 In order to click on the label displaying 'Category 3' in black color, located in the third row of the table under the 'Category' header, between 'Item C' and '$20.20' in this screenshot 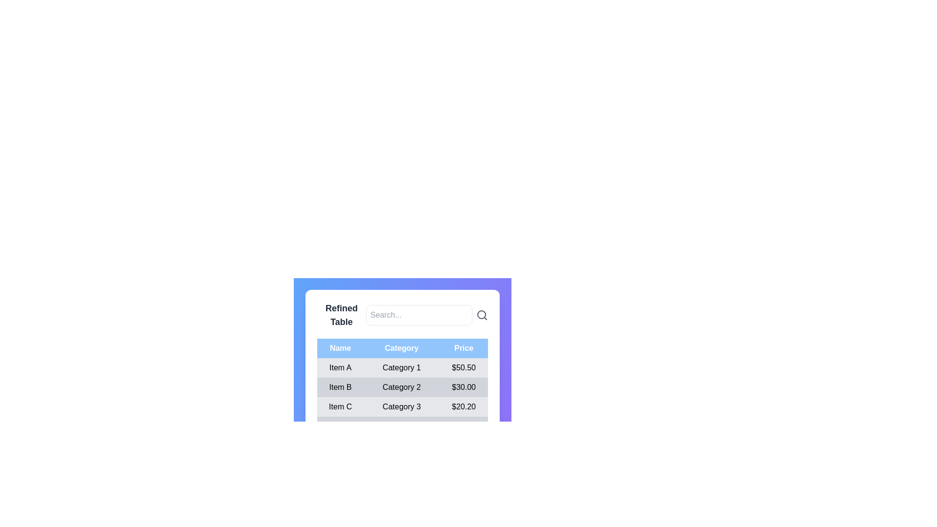, I will do `click(402, 406)`.